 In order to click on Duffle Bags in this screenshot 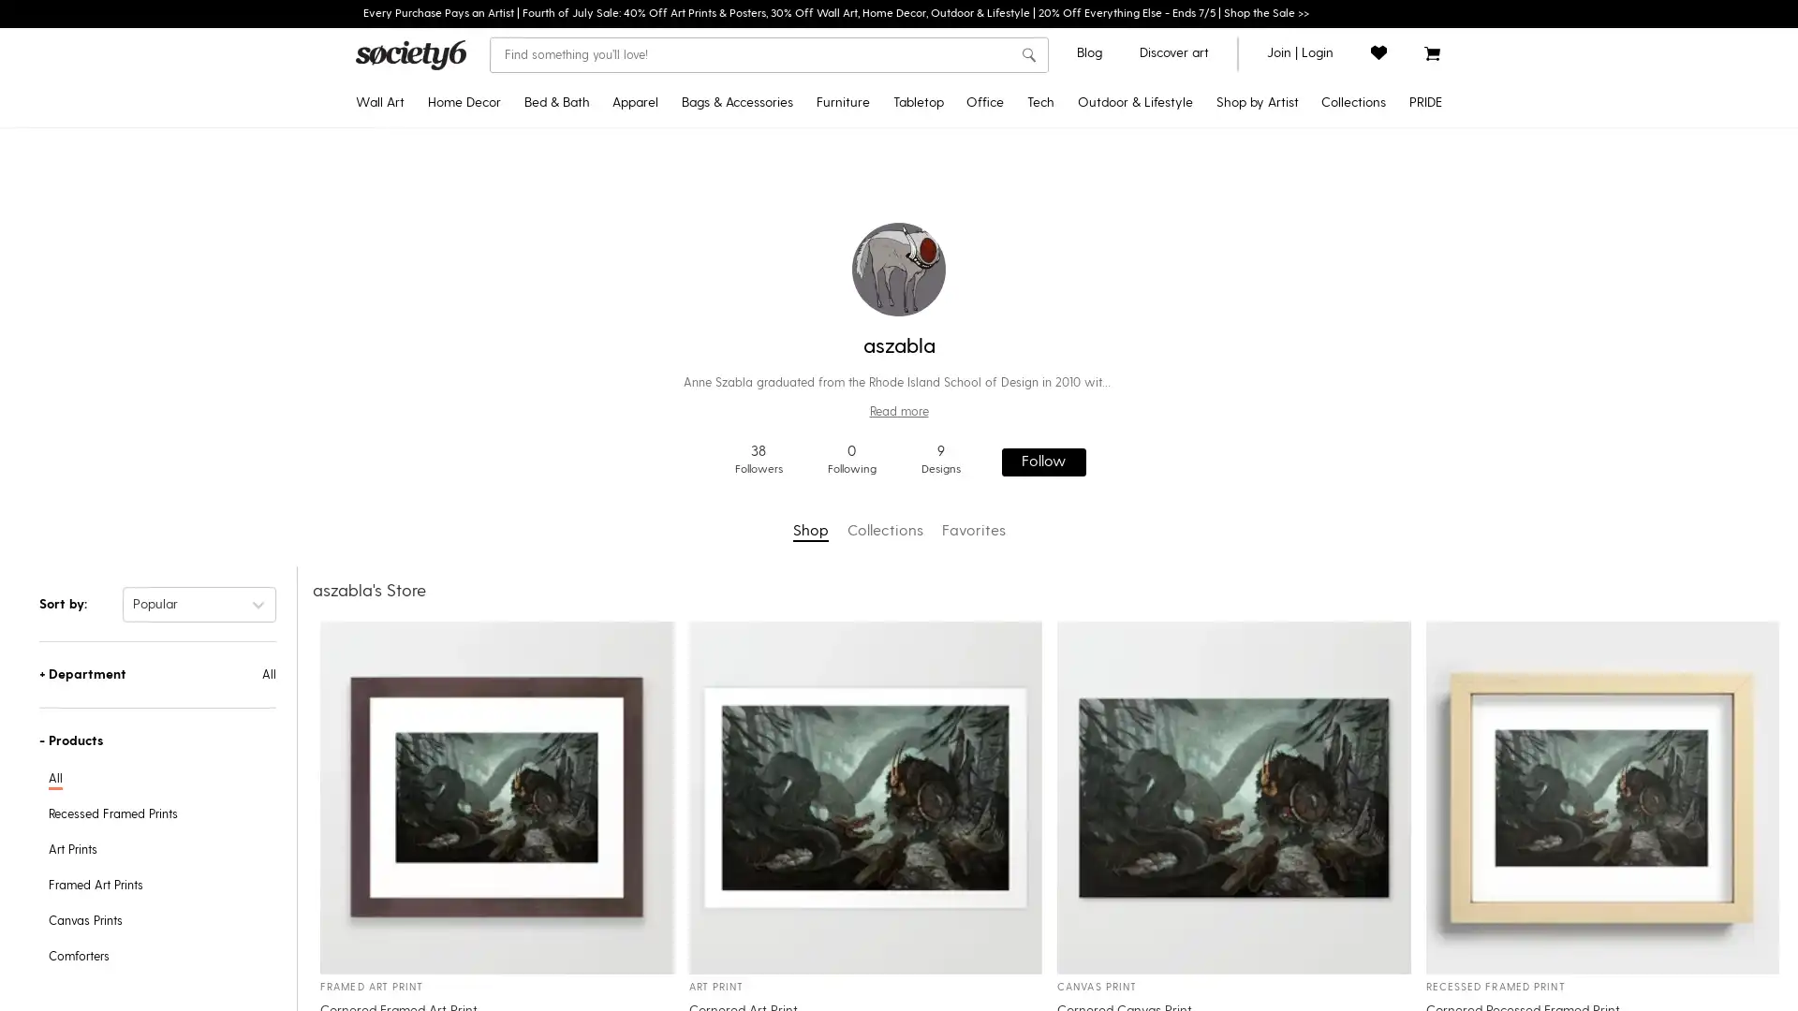, I will do `click(750, 240)`.